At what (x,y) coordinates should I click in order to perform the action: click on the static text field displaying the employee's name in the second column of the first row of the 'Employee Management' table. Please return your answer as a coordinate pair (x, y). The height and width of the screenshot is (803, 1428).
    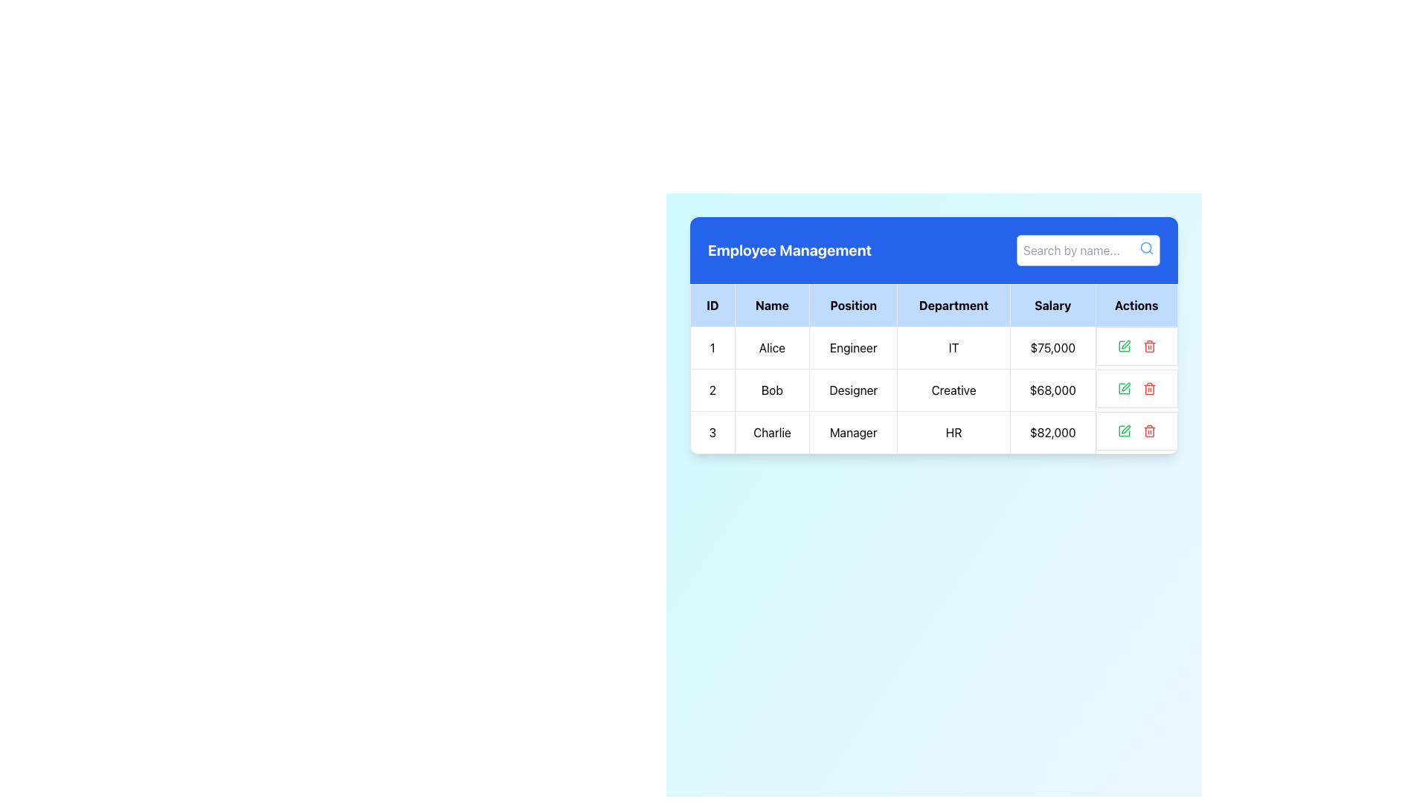
    Looking at the image, I should click on (772, 347).